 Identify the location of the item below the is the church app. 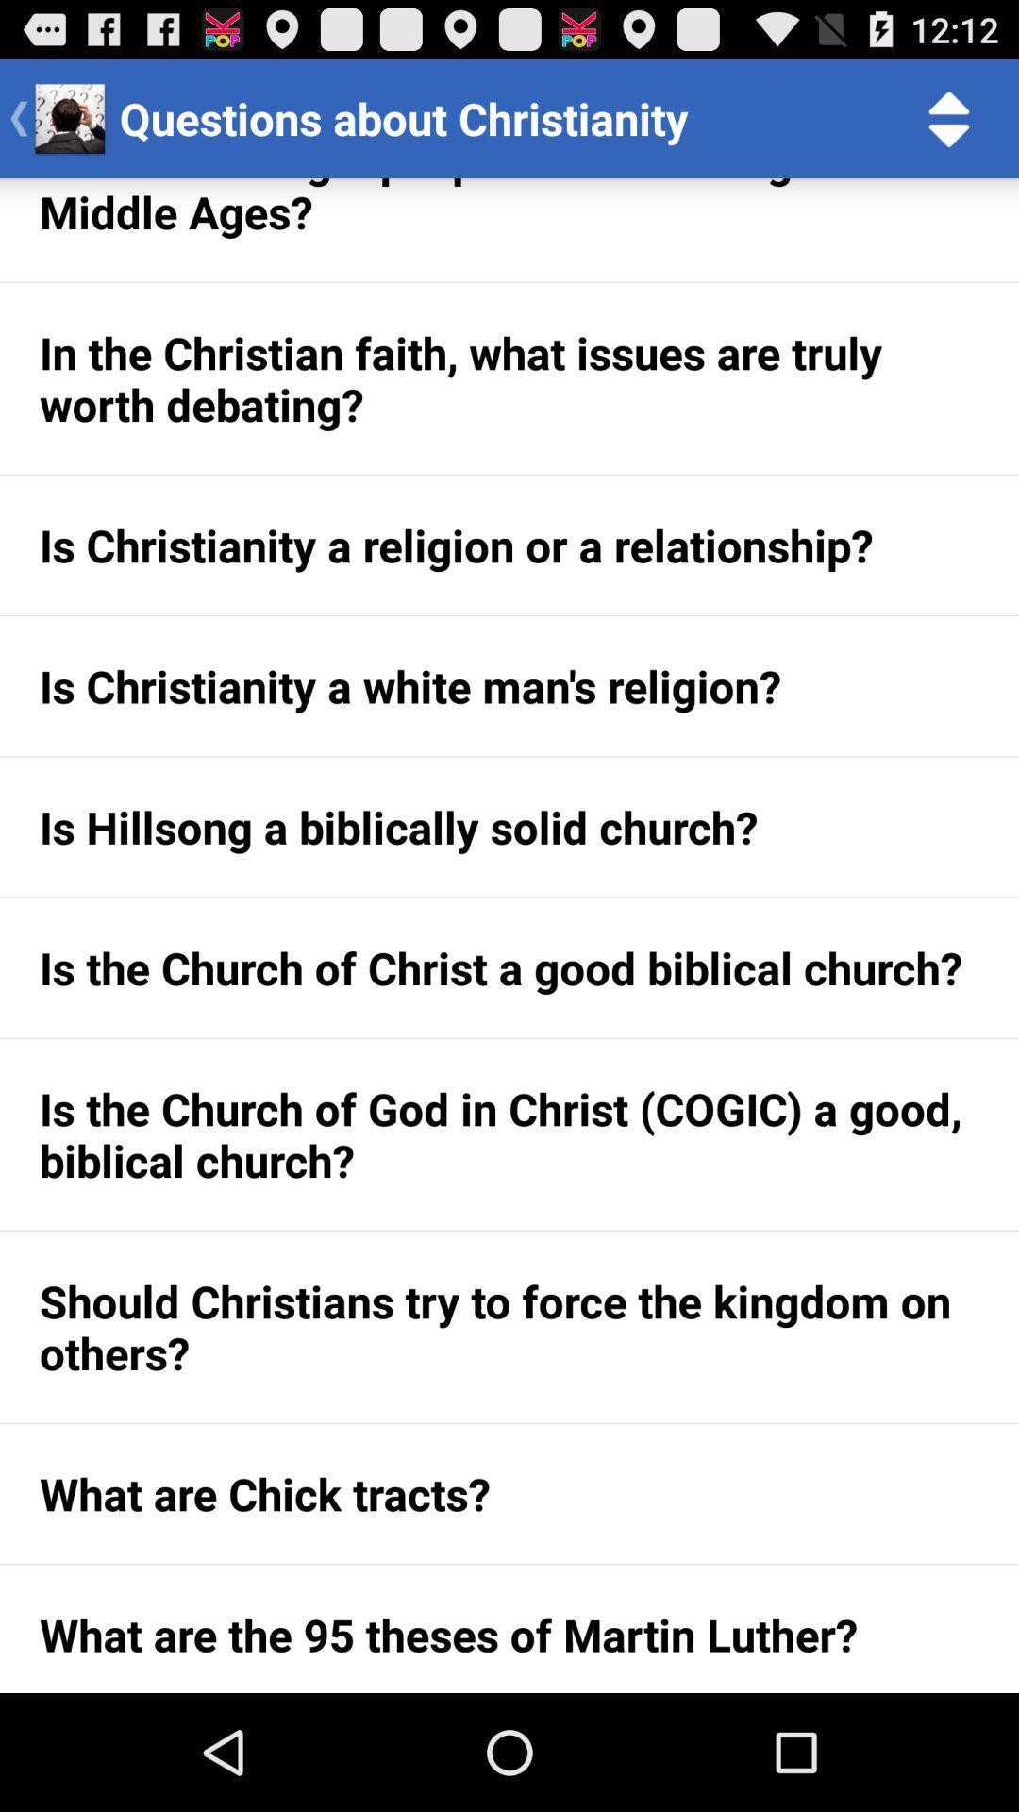
(509, 1326).